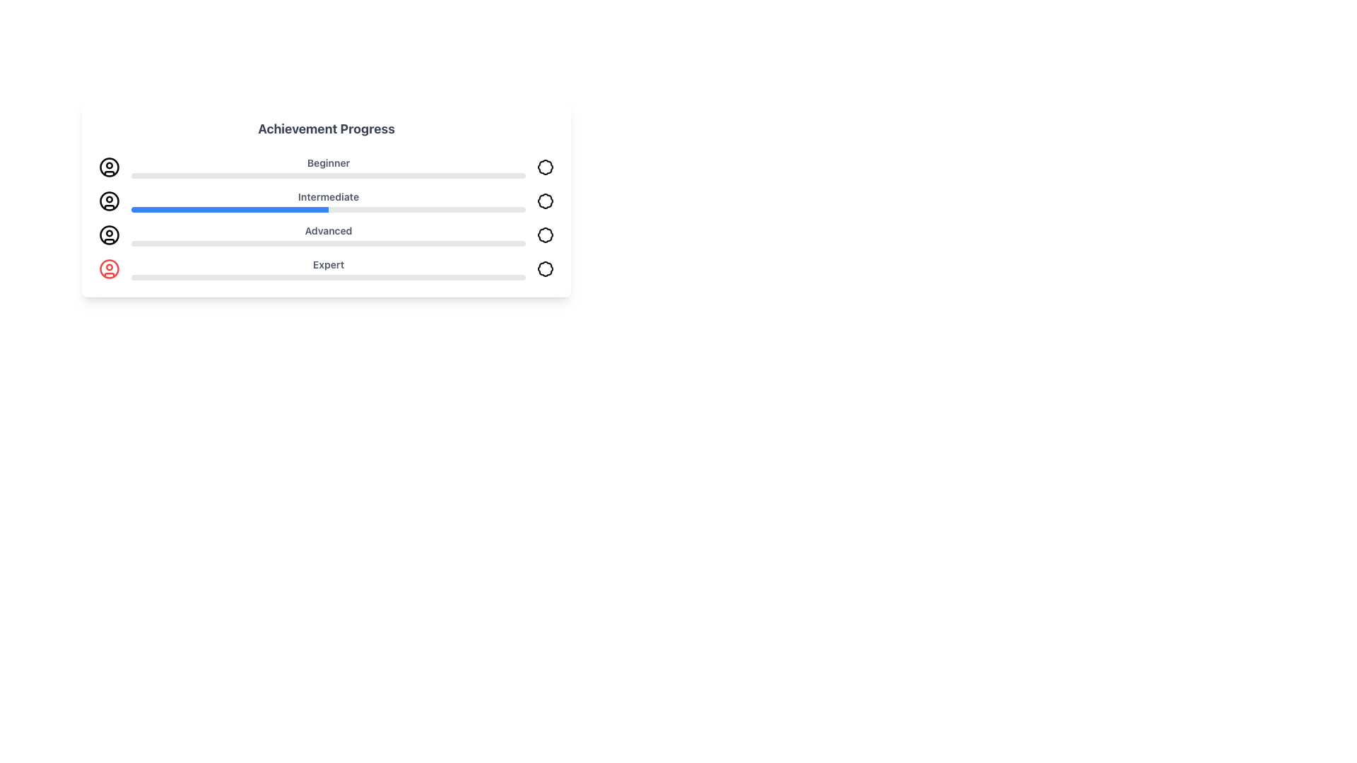 The height and width of the screenshot is (763, 1357). What do you see at coordinates (328, 242) in the screenshot?
I see `the horizontal progress bar styled with a light gray background and yellow segment, located beneath the label 'Advanced', which is the third progress bar in the sequence` at bounding box center [328, 242].